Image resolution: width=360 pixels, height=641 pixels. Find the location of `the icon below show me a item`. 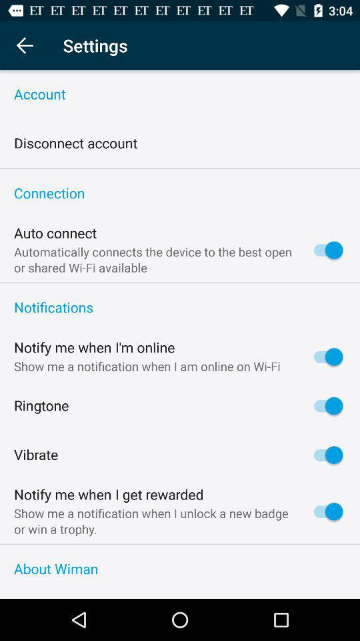

the icon below show me a item is located at coordinates (180, 544).